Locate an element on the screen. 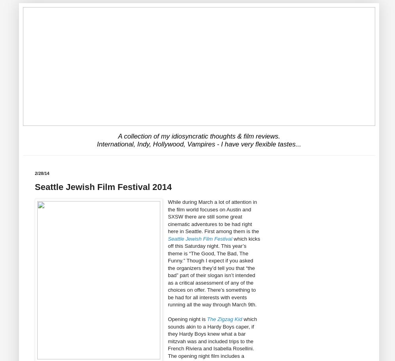 The height and width of the screenshot is (361, 395). 'which kicks off this Saturday night. This year’s theme is “The Good, The Bad, The Funny.” Though I expect if you asked the organizers they’d tell you that “the bad” part of their slogan isn’t intended as a critical assessment of any of the choices on offer. There’s something to be had for all interests with events running all the way through March 9th.' is located at coordinates (167, 272).